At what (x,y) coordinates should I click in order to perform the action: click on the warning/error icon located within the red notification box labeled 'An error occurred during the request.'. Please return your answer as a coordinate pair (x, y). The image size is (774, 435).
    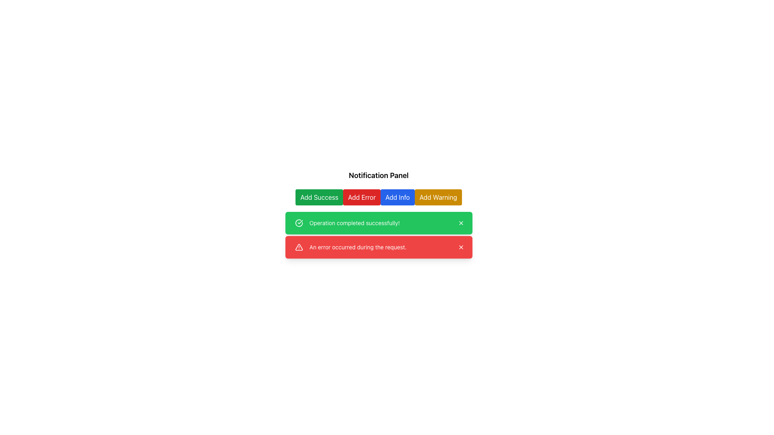
    Looking at the image, I should click on (298, 246).